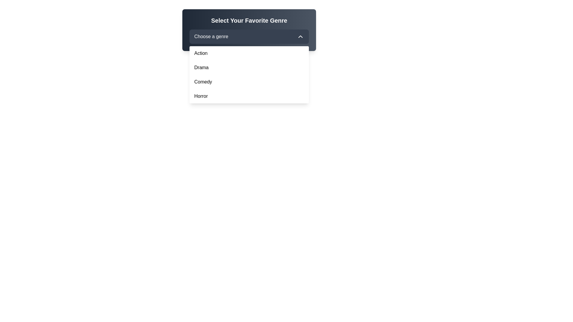 The width and height of the screenshot is (573, 322). I want to click on the 'Drama' label, which is the second item in the dropdown menu under 'Choose a genre', so click(201, 67).